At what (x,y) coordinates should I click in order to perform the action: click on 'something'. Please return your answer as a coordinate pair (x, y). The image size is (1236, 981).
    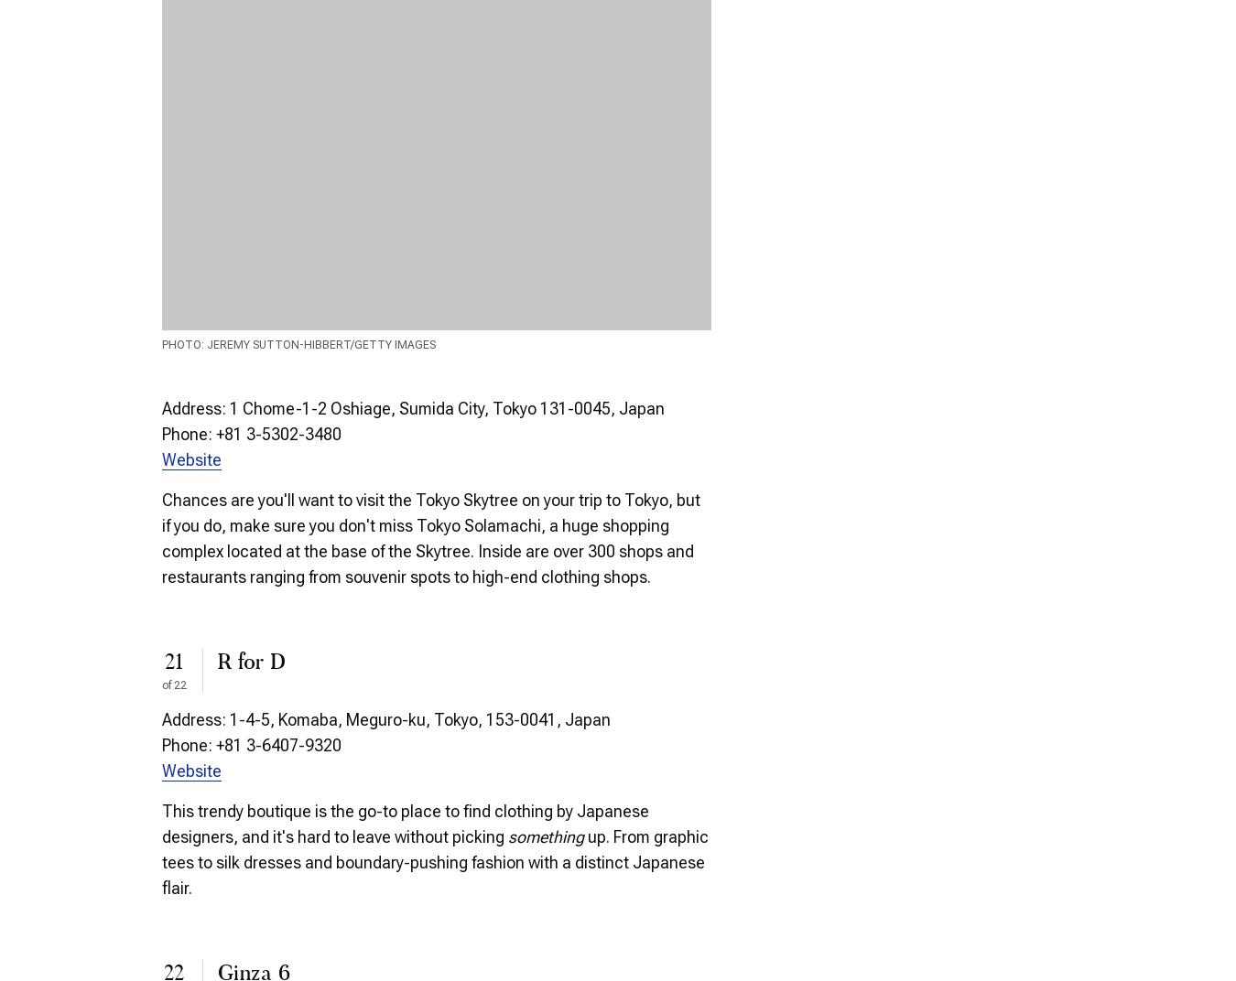
    Looking at the image, I should click on (506, 836).